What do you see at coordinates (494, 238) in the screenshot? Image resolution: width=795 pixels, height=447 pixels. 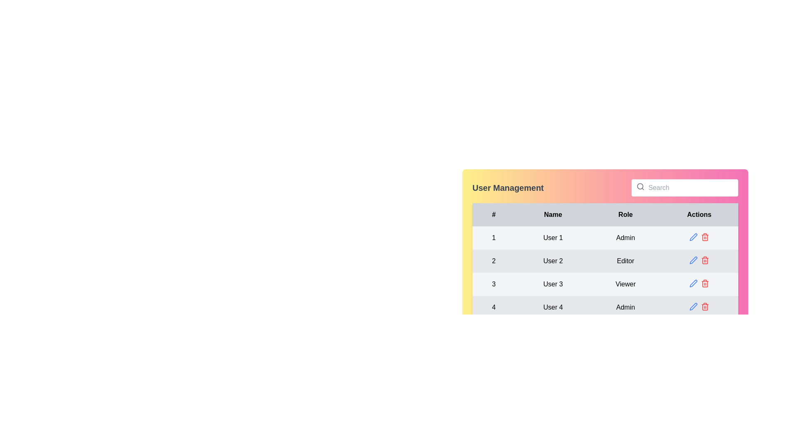 I see `text from the label representing the index or serial number of the corresponding row in the table, located in the top-left corner under the '#' column` at bounding box center [494, 238].